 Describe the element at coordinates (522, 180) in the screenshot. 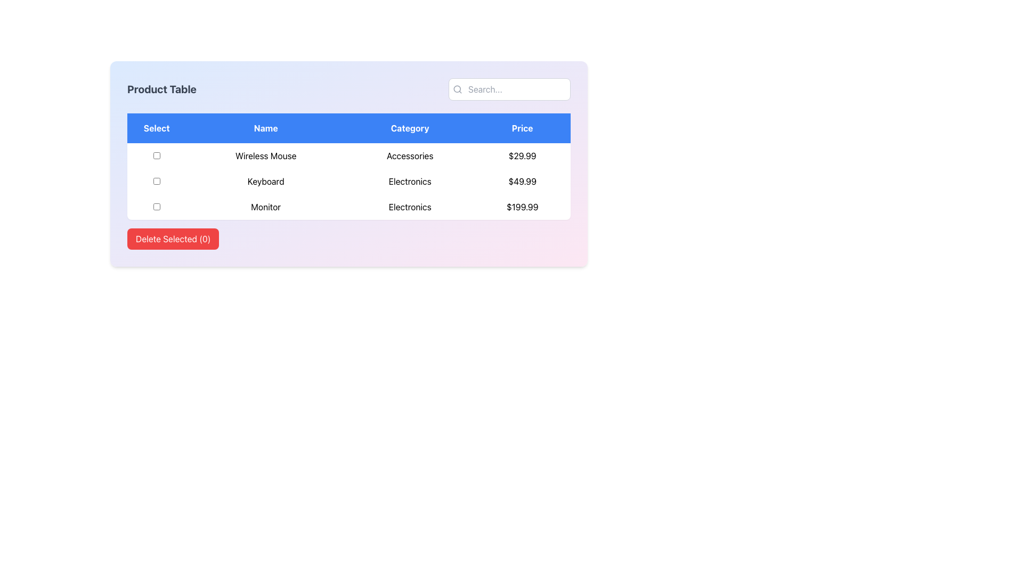

I see `the price label displaying '$49.99' for the 'Keyboard' product, which is aligned to the right end of its row in the table` at that location.